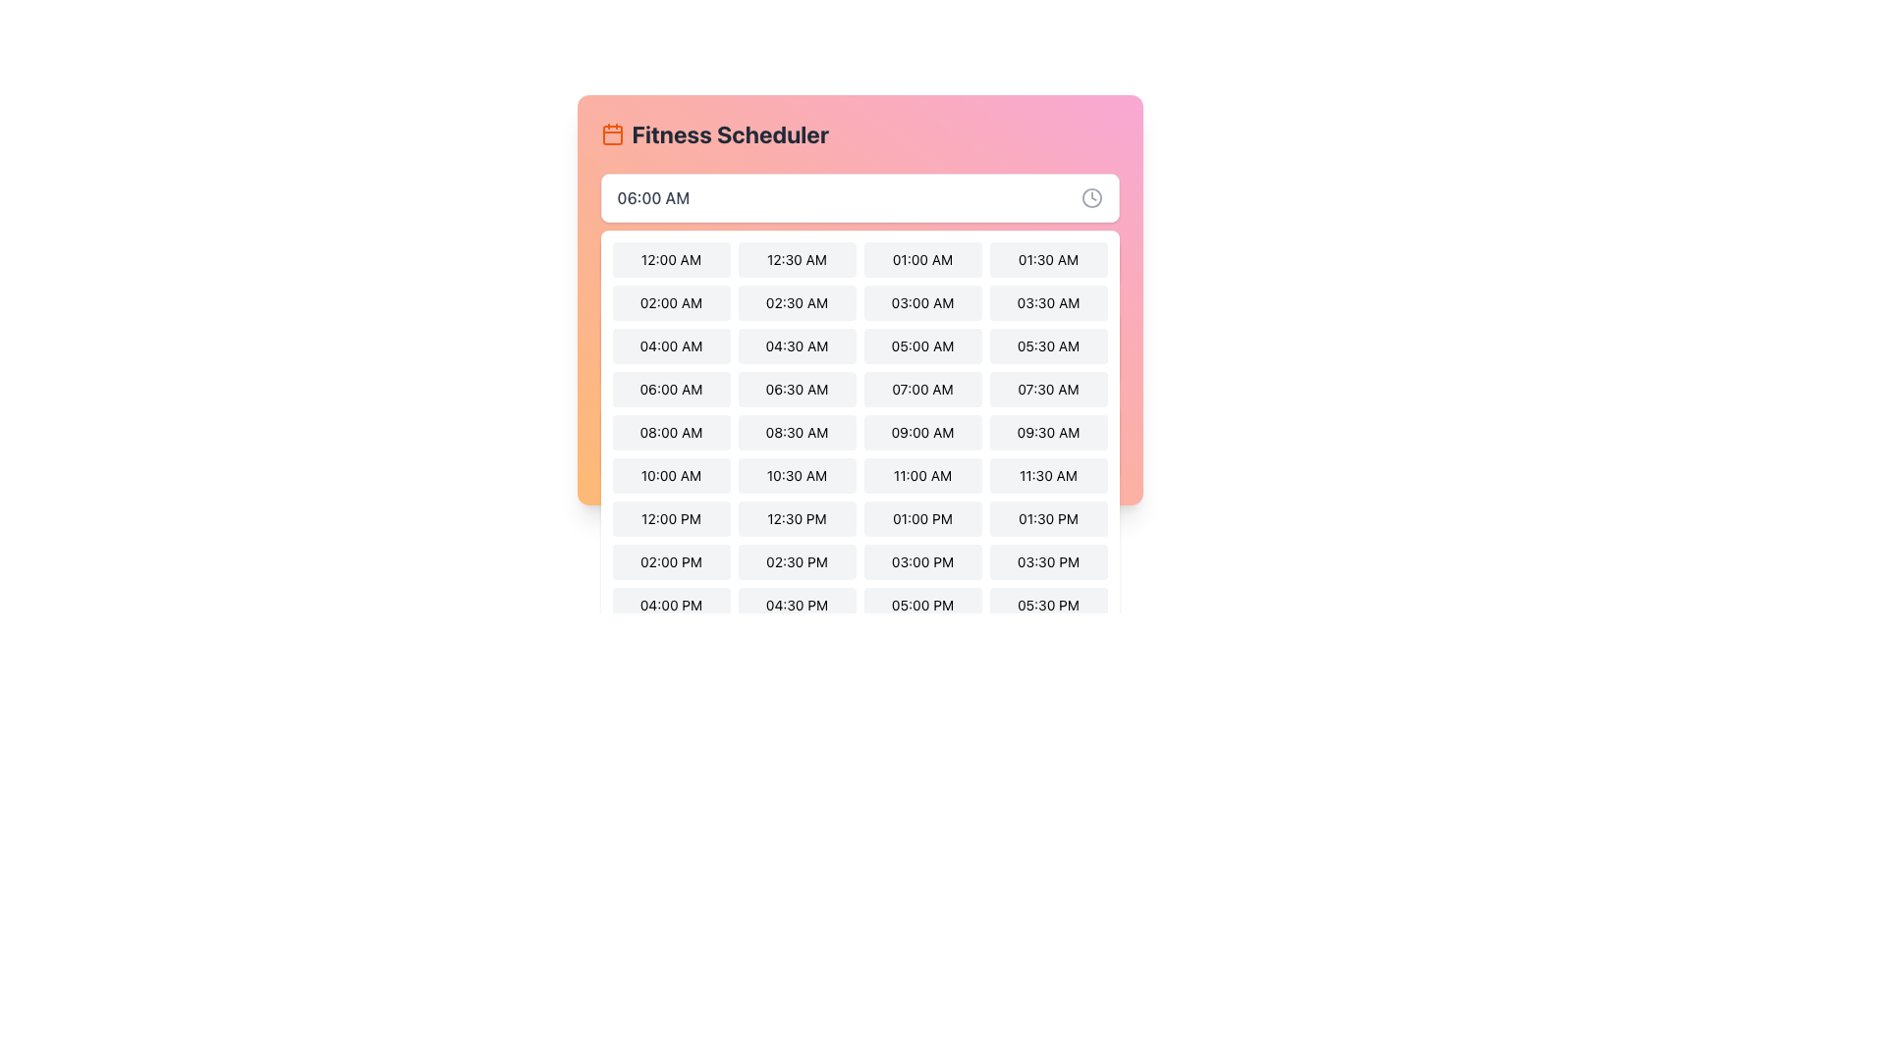 Image resolution: width=1886 pixels, height=1060 pixels. What do you see at coordinates (671, 517) in the screenshot?
I see `the '12:00 PM' button in the time selection dropdown` at bounding box center [671, 517].